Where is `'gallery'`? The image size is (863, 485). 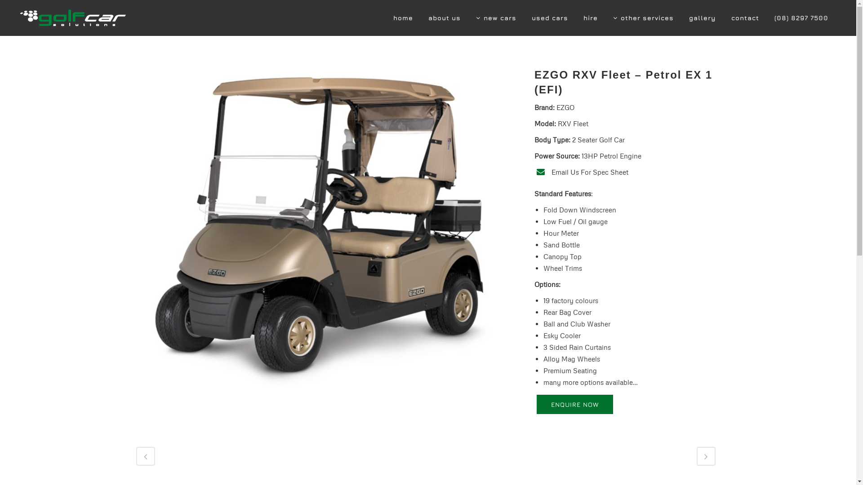 'gallery' is located at coordinates (702, 18).